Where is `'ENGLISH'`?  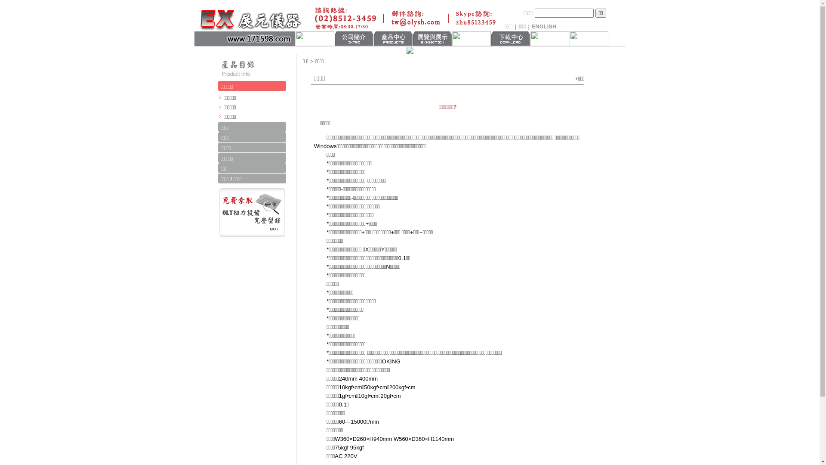
'ENGLISH' is located at coordinates (544, 26).